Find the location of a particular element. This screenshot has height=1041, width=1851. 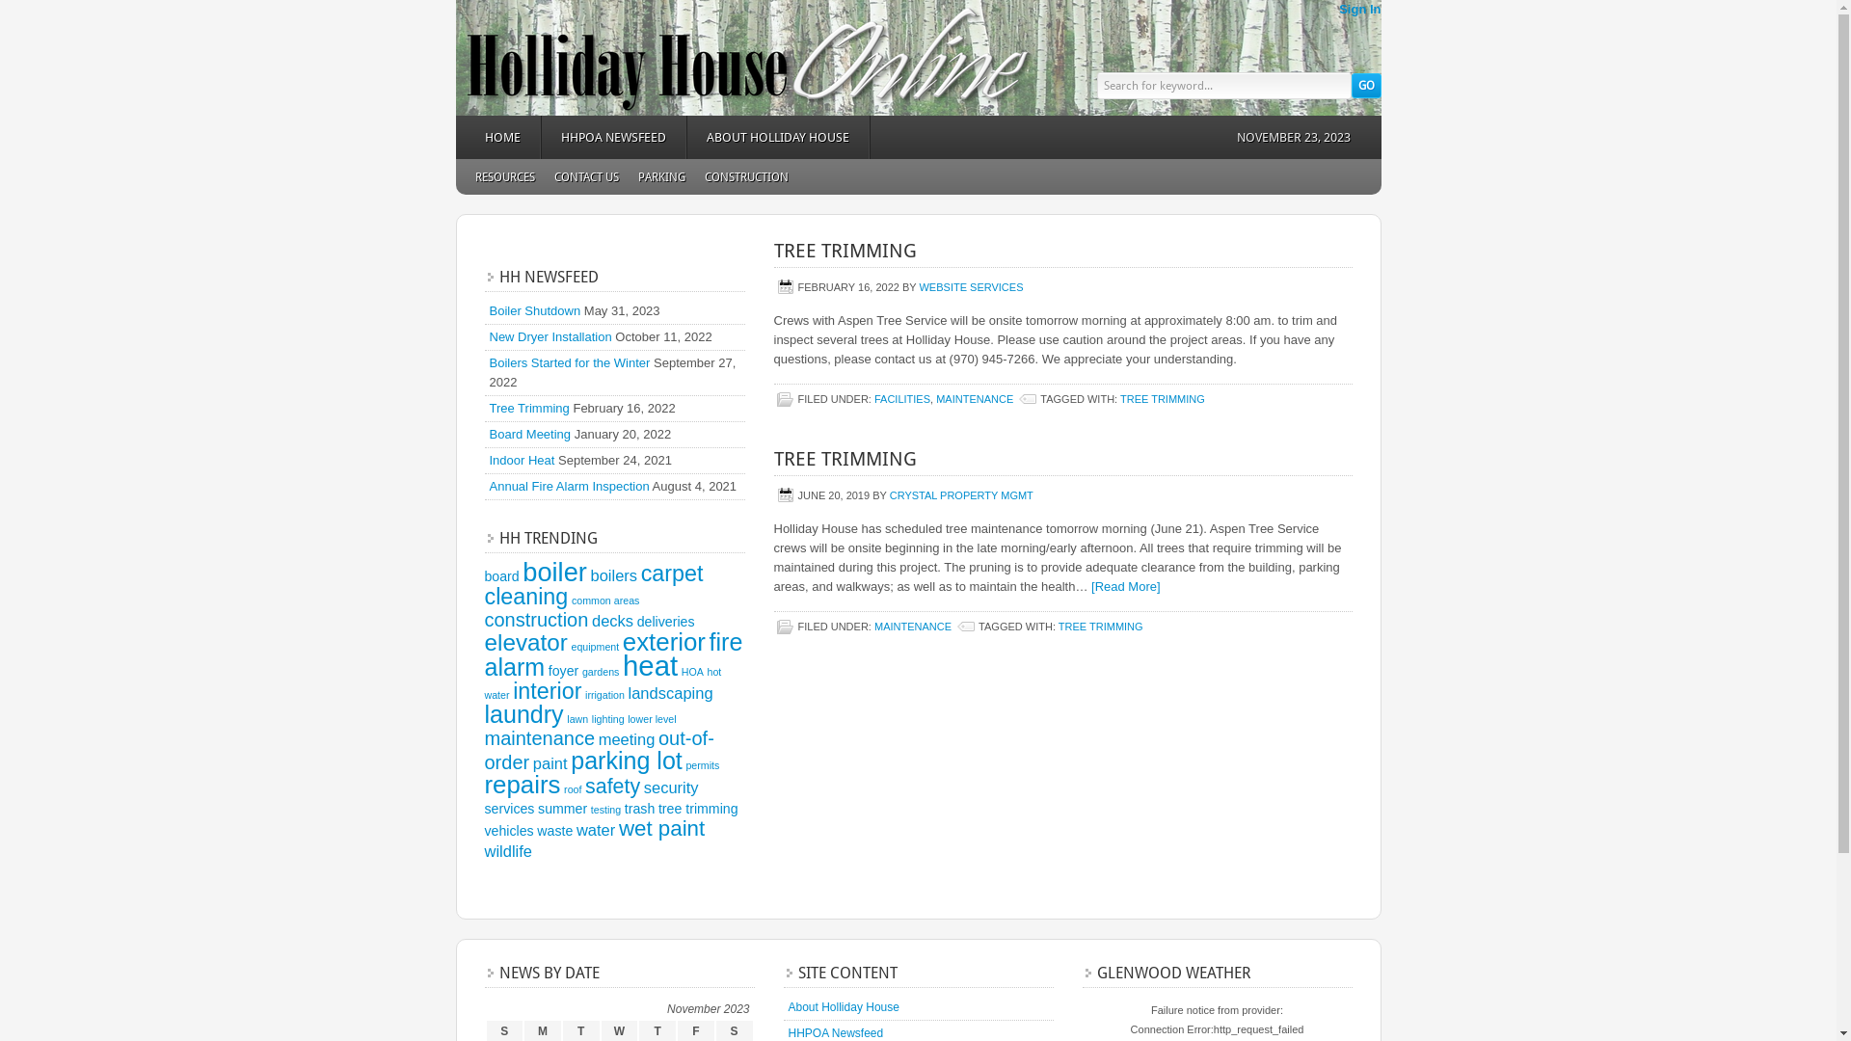

'HOLLIDAY HOUSE ONLINE' is located at coordinates (629, 57).